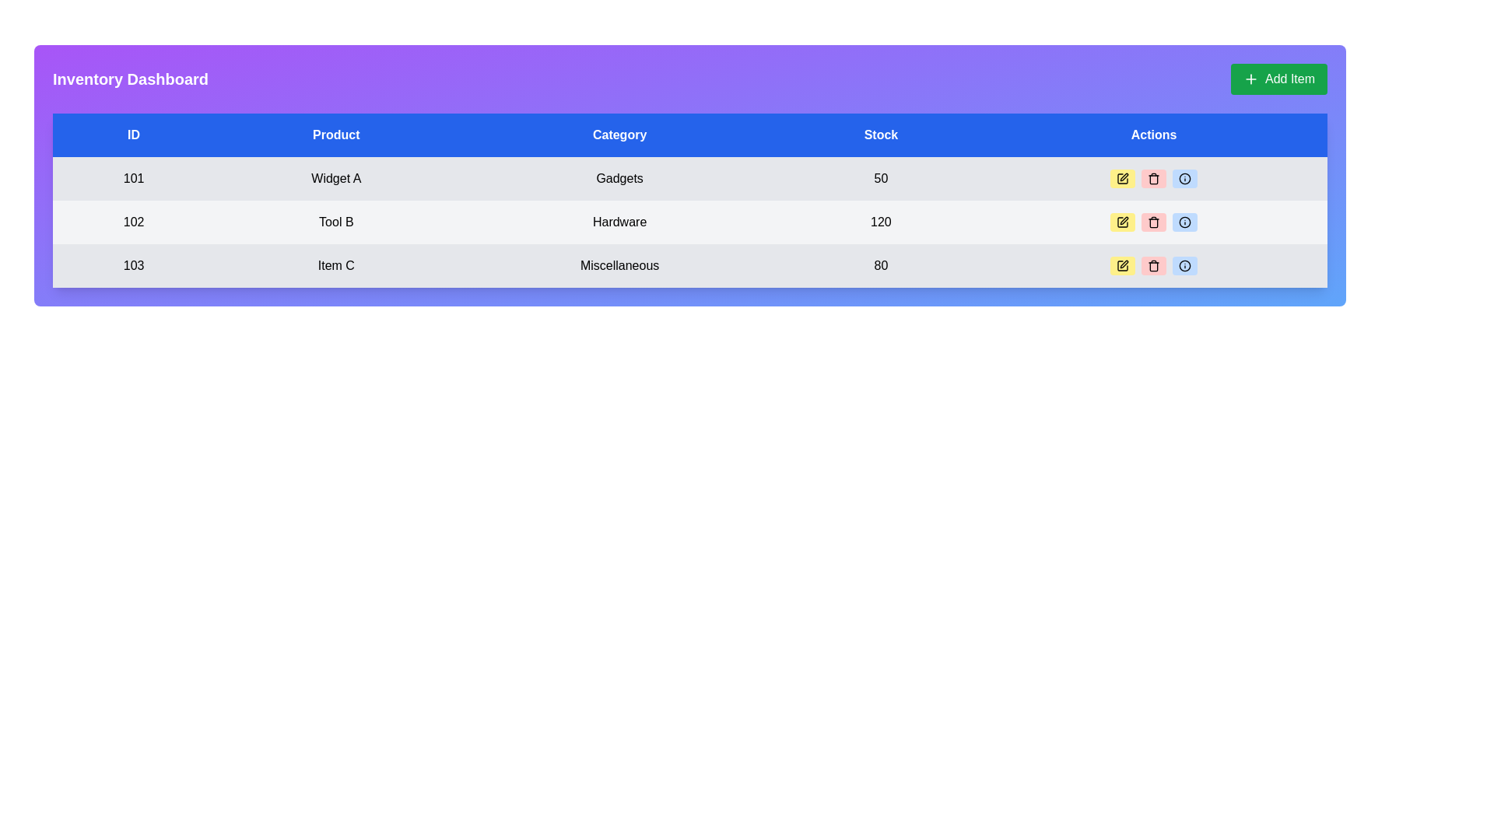  I want to click on the edit button in the Actions column of the third row for item 'Item C', so click(1123, 265).